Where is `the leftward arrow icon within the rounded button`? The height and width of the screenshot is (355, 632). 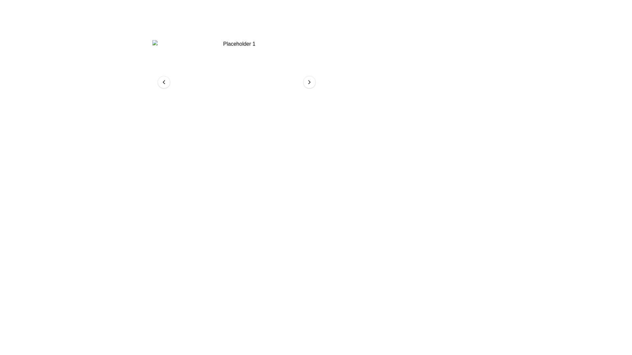 the leftward arrow icon within the rounded button is located at coordinates (164, 82).